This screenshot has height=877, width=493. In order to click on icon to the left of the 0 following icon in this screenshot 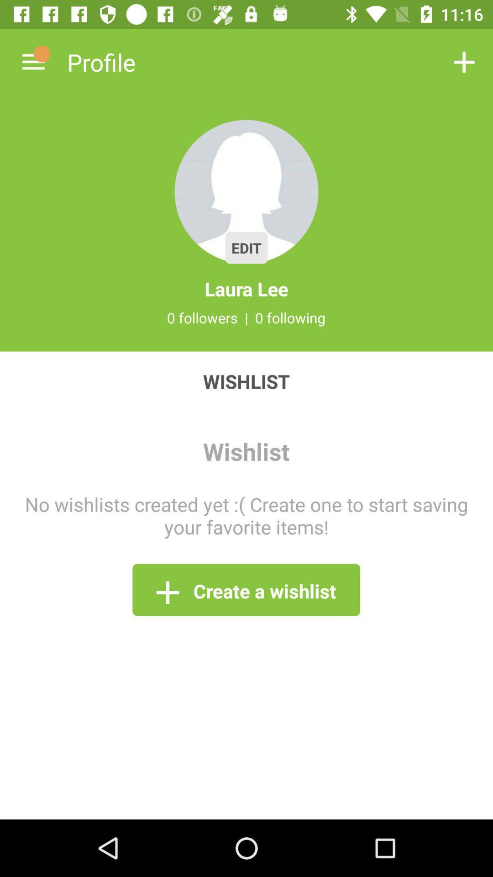, I will do `click(246, 317)`.